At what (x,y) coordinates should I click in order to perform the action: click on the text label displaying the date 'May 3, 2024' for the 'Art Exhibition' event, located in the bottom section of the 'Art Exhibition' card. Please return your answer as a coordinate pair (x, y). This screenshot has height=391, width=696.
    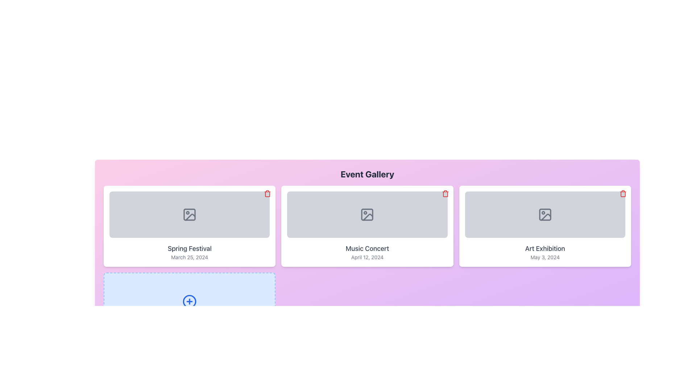
    Looking at the image, I should click on (545, 257).